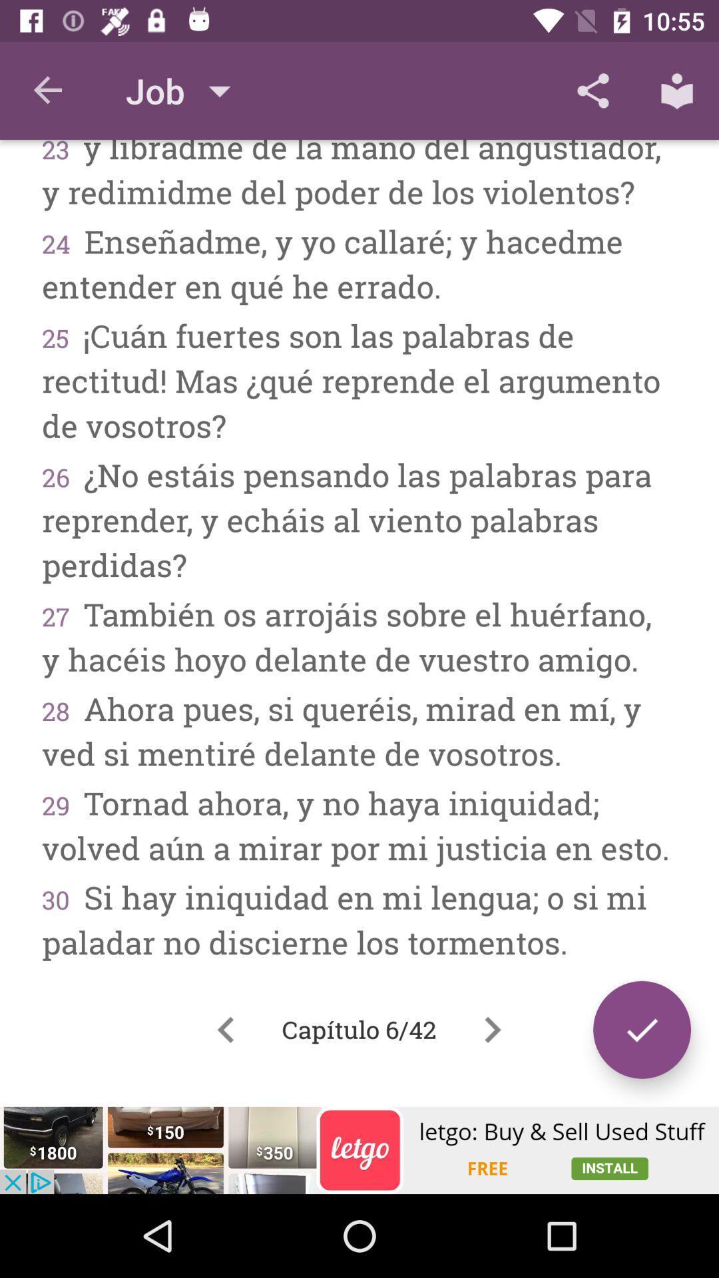 The width and height of the screenshot is (719, 1278). What do you see at coordinates (593, 90) in the screenshot?
I see `the icon above the 23 y libradme` at bounding box center [593, 90].